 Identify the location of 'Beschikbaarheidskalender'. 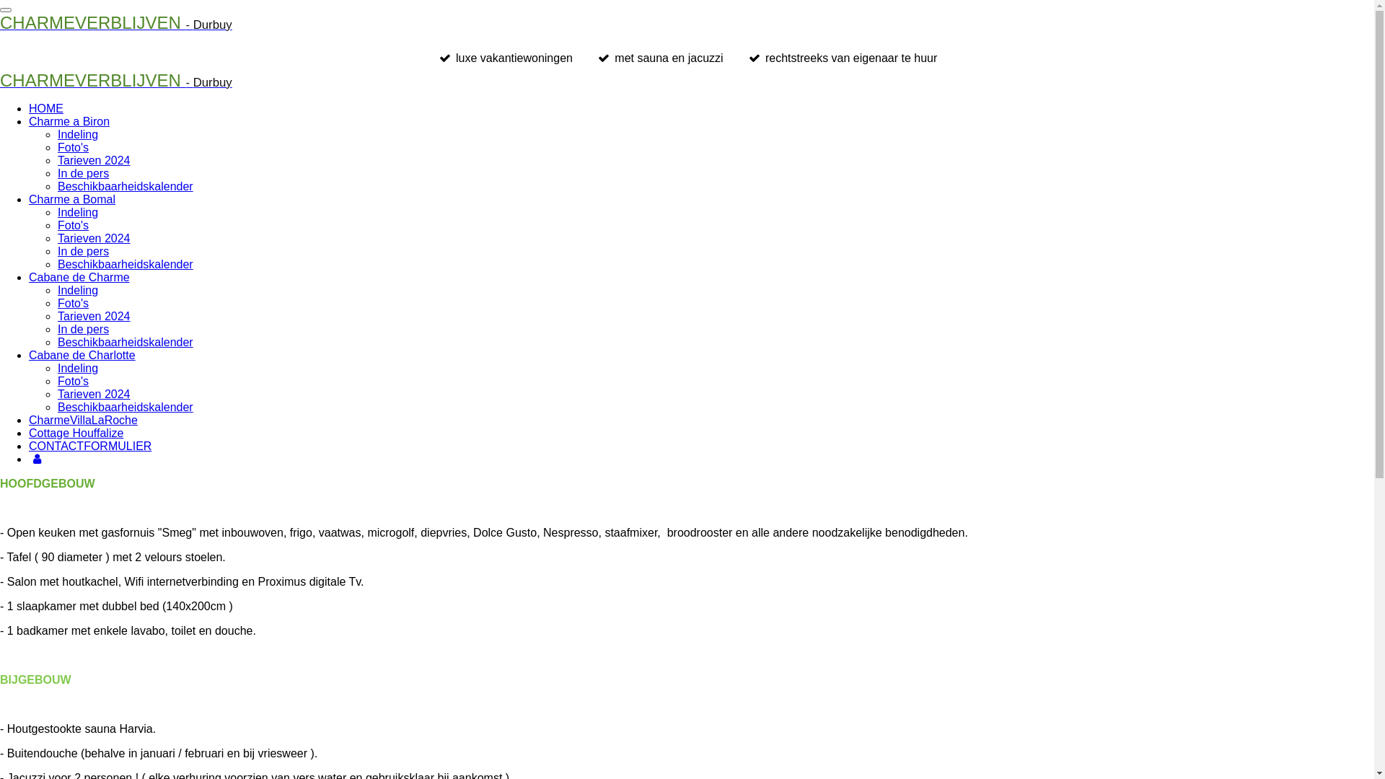
(125, 342).